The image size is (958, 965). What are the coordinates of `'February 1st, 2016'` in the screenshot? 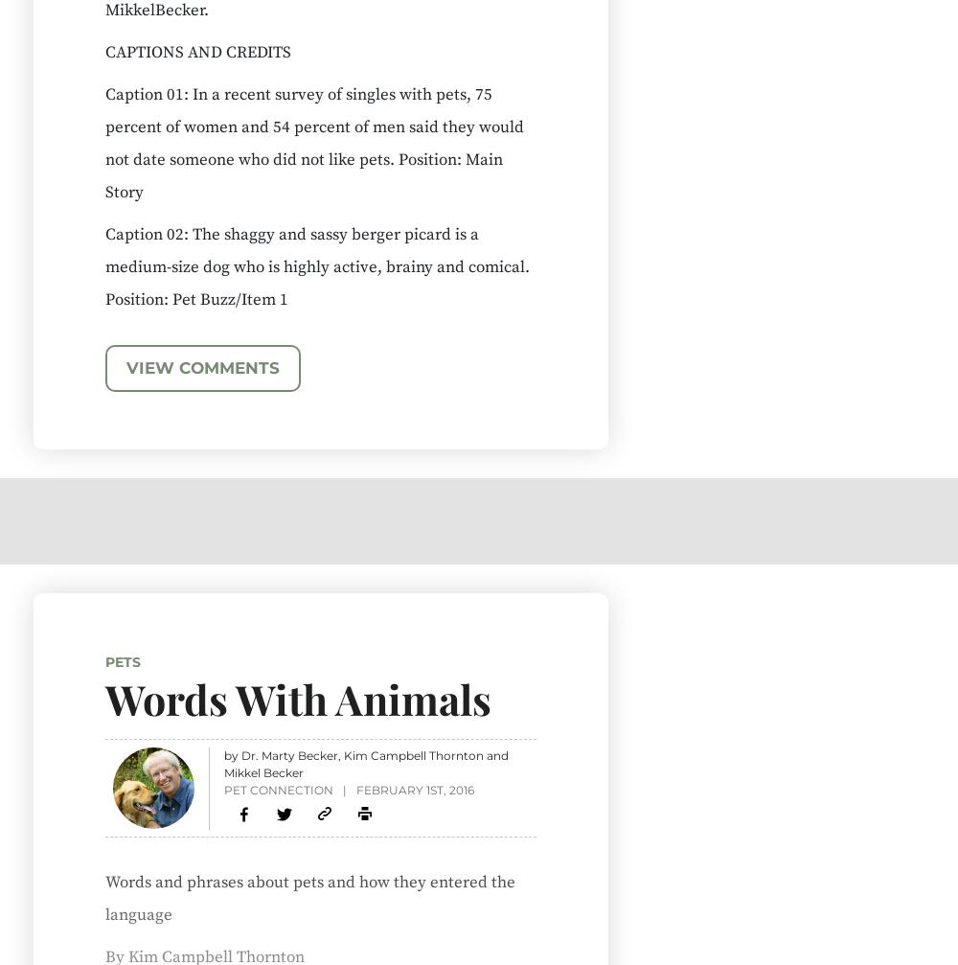 It's located at (414, 788).